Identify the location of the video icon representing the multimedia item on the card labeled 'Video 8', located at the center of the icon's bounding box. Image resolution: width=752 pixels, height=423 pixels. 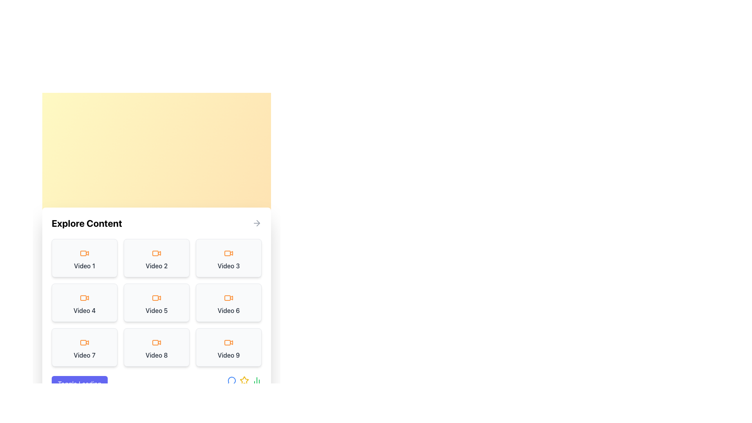
(156, 342).